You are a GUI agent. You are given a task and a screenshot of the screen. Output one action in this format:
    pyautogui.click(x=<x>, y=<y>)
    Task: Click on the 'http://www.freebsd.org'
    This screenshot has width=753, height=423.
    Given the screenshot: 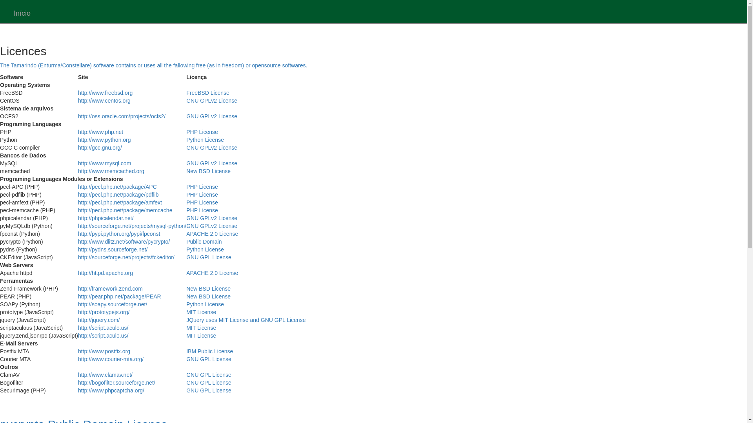 What is the action you would take?
    pyautogui.click(x=105, y=92)
    